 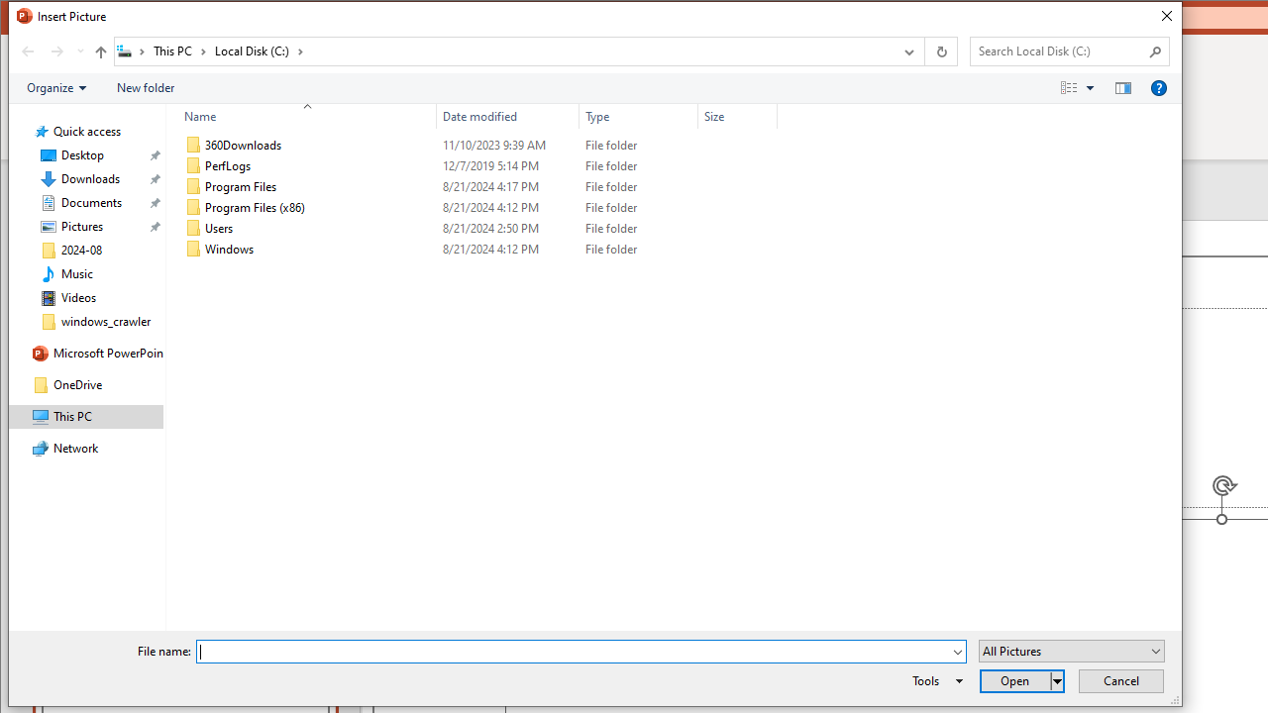 I want to click on 'Tools', so click(x=933, y=679).